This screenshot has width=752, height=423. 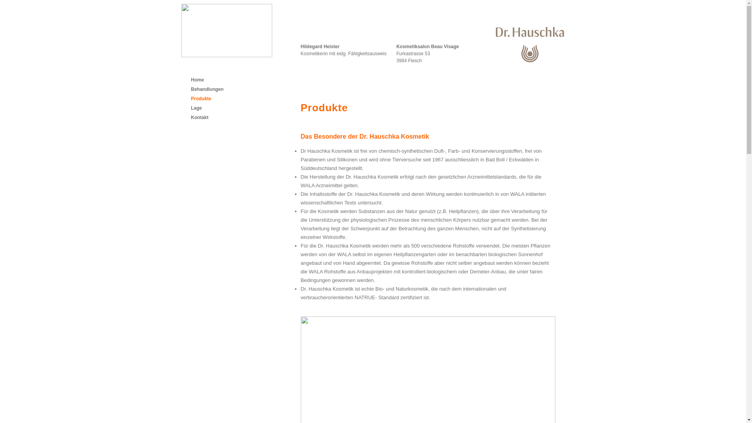 What do you see at coordinates (191, 117) in the screenshot?
I see `'Kontakt'` at bounding box center [191, 117].